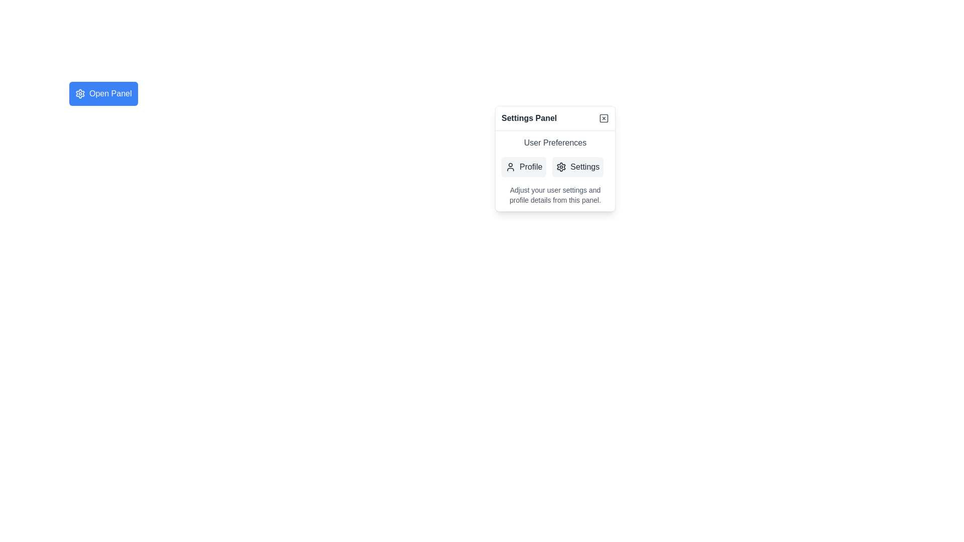 The image size is (964, 542). I want to click on the 'Profile' button, which is a rounded rectangular button labeled 'Profile' with a user silhouette icon, located under the 'User Preferences' section of the 'Settings Panel', so click(523, 166).